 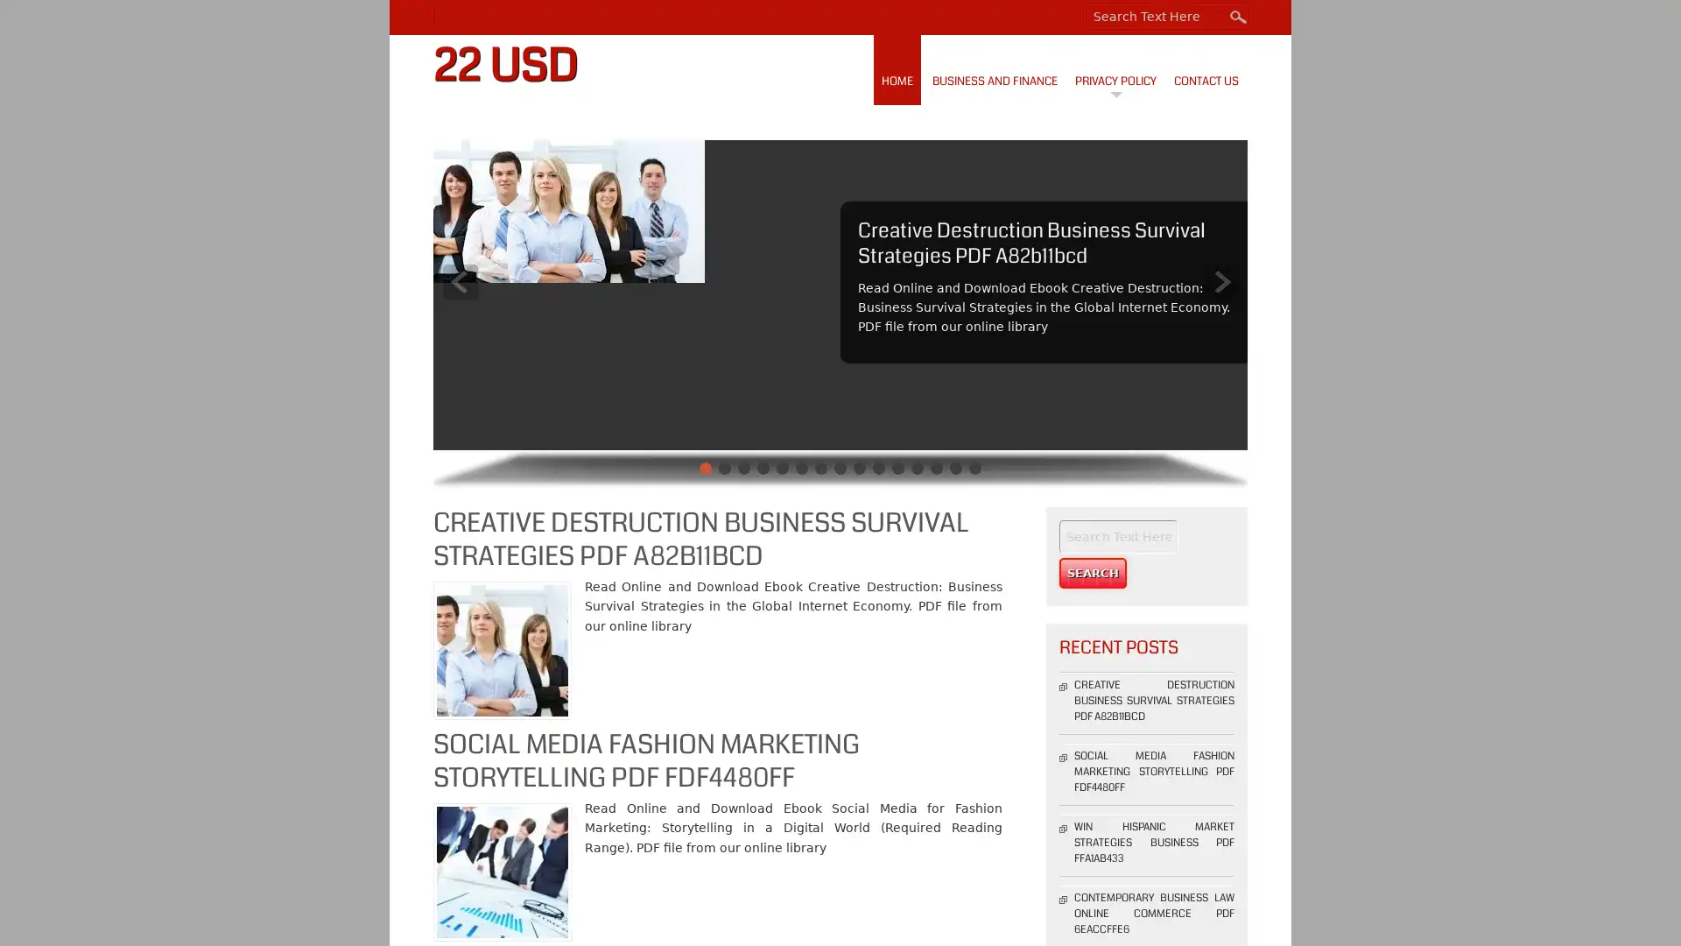 I want to click on Search, so click(x=1092, y=573).